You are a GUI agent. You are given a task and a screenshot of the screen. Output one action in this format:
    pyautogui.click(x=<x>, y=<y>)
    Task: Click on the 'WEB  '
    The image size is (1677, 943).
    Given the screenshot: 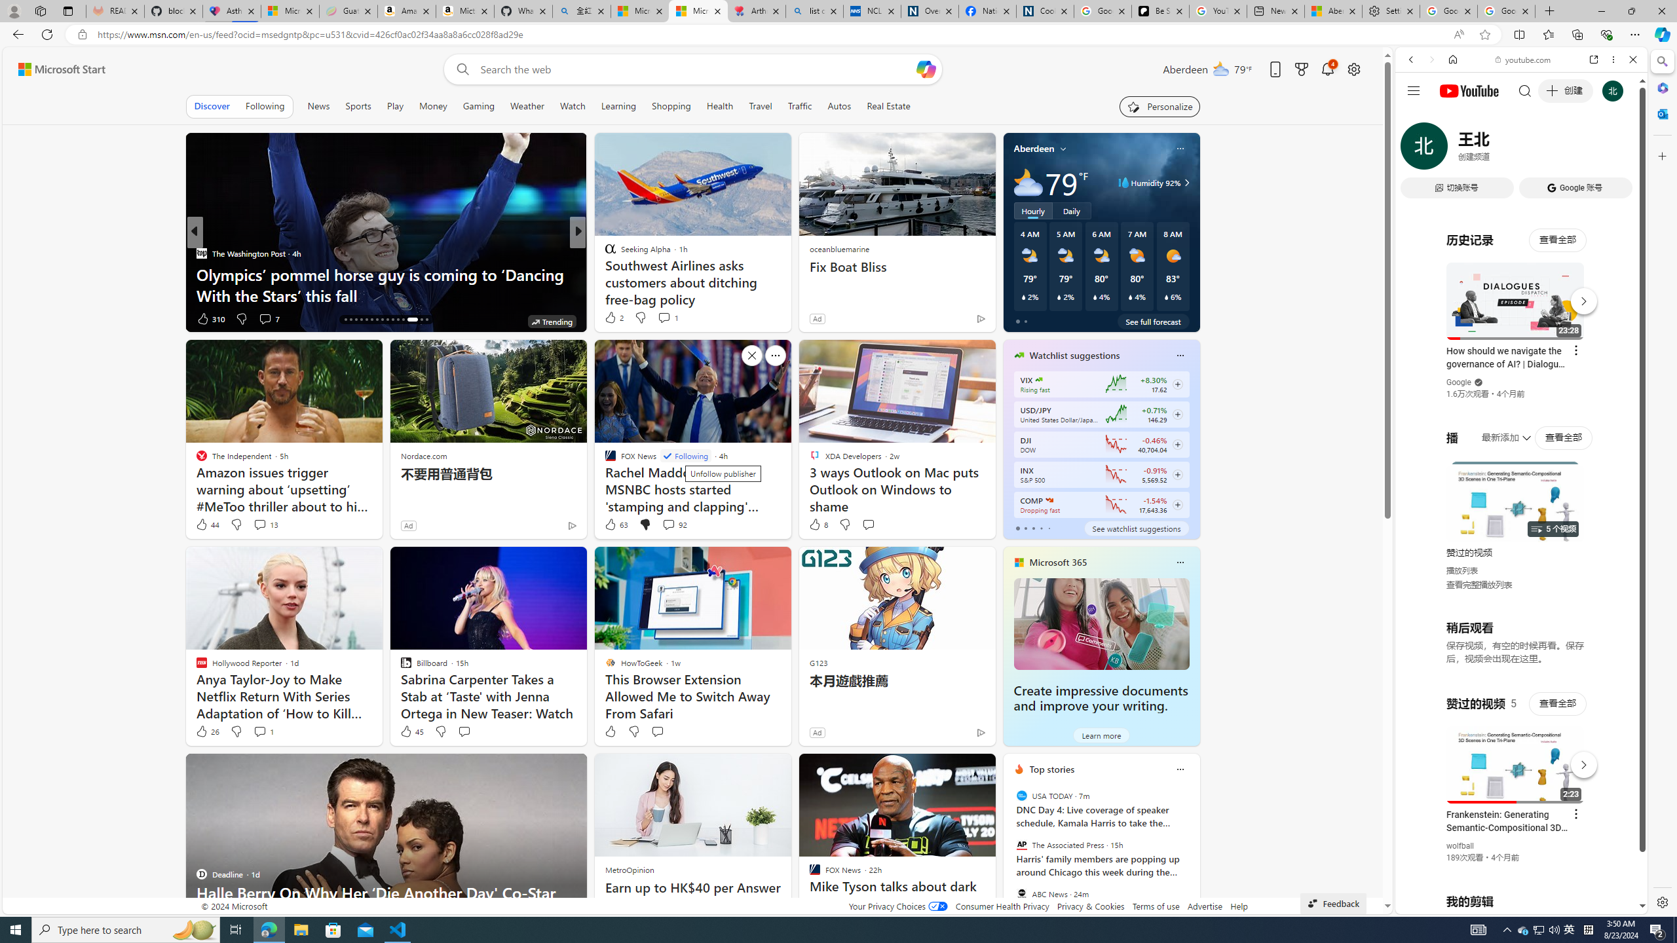 What is the action you would take?
    pyautogui.click(x=1416, y=150)
    